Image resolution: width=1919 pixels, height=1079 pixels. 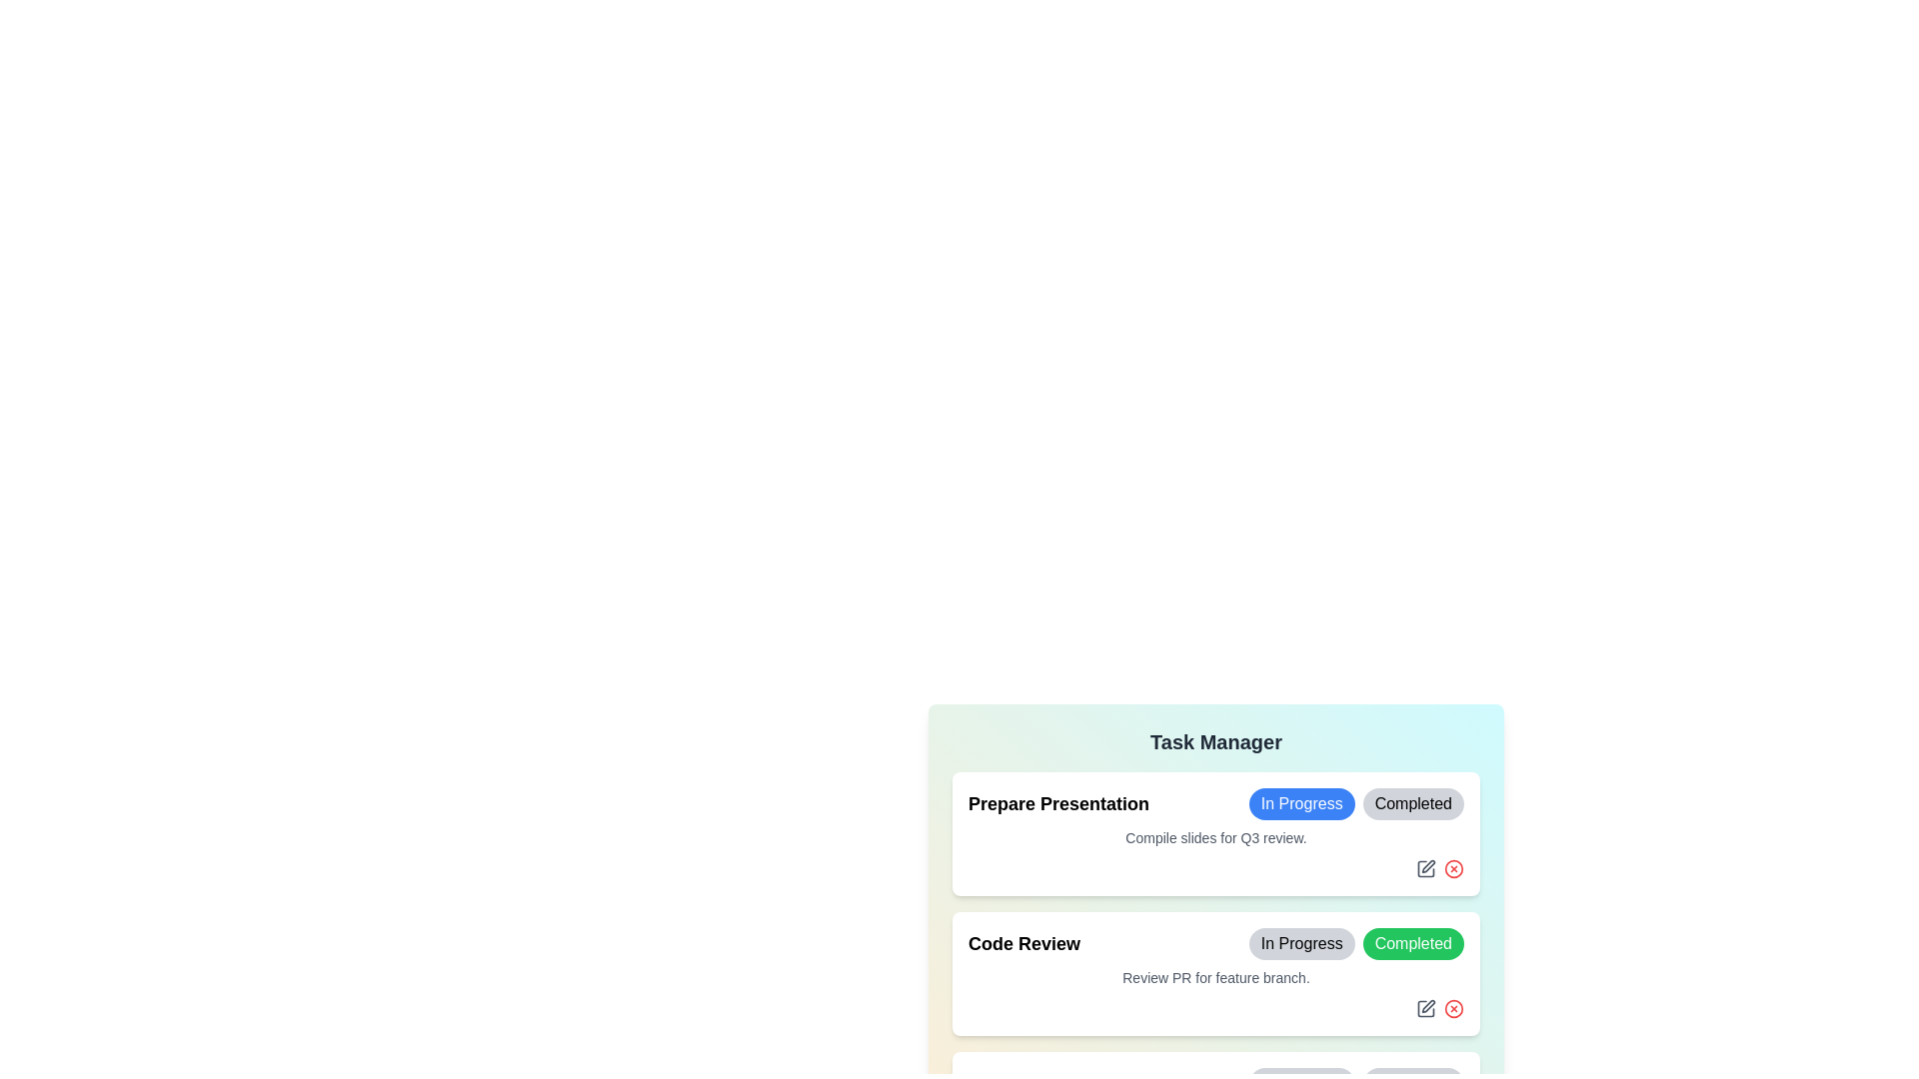 I want to click on the 'In Progress' button for the task titled 'Prepare Presentation', so click(x=1300, y=803).